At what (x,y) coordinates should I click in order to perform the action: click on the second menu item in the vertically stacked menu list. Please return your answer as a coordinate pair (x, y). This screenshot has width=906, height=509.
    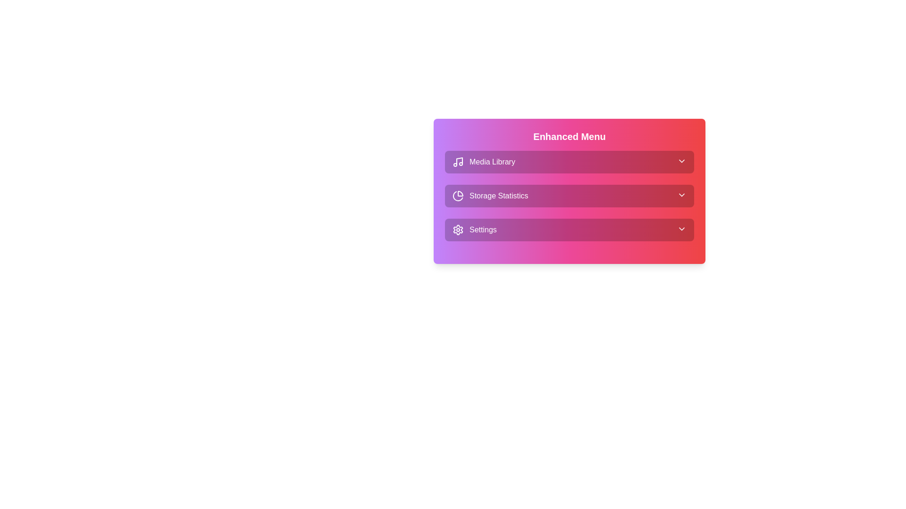
    Looking at the image, I should click on (569, 191).